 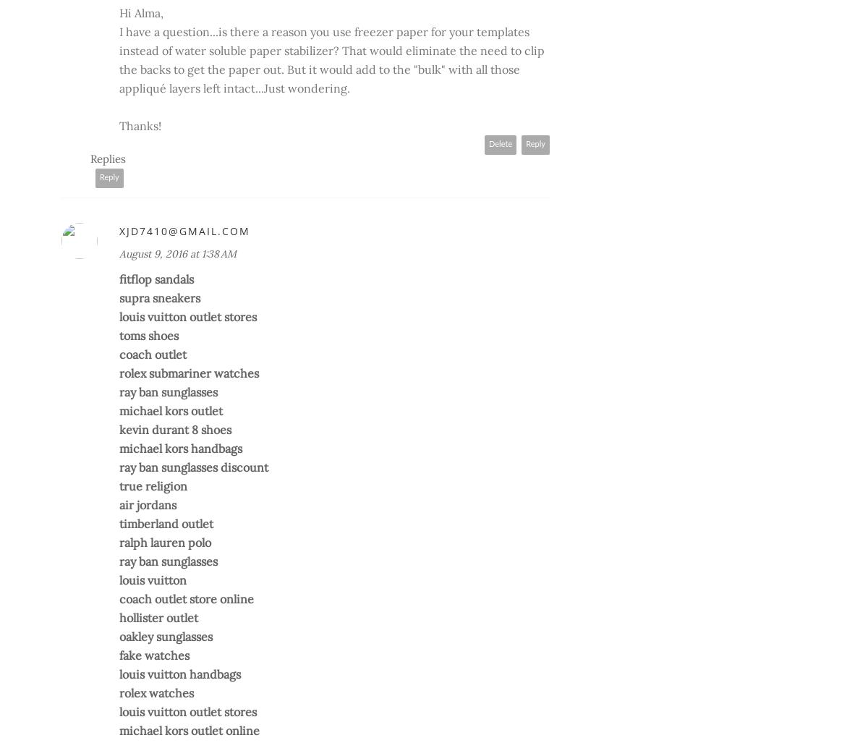 What do you see at coordinates (192, 466) in the screenshot?
I see `'ray ban sunglasses discount'` at bounding box center [192, 466].